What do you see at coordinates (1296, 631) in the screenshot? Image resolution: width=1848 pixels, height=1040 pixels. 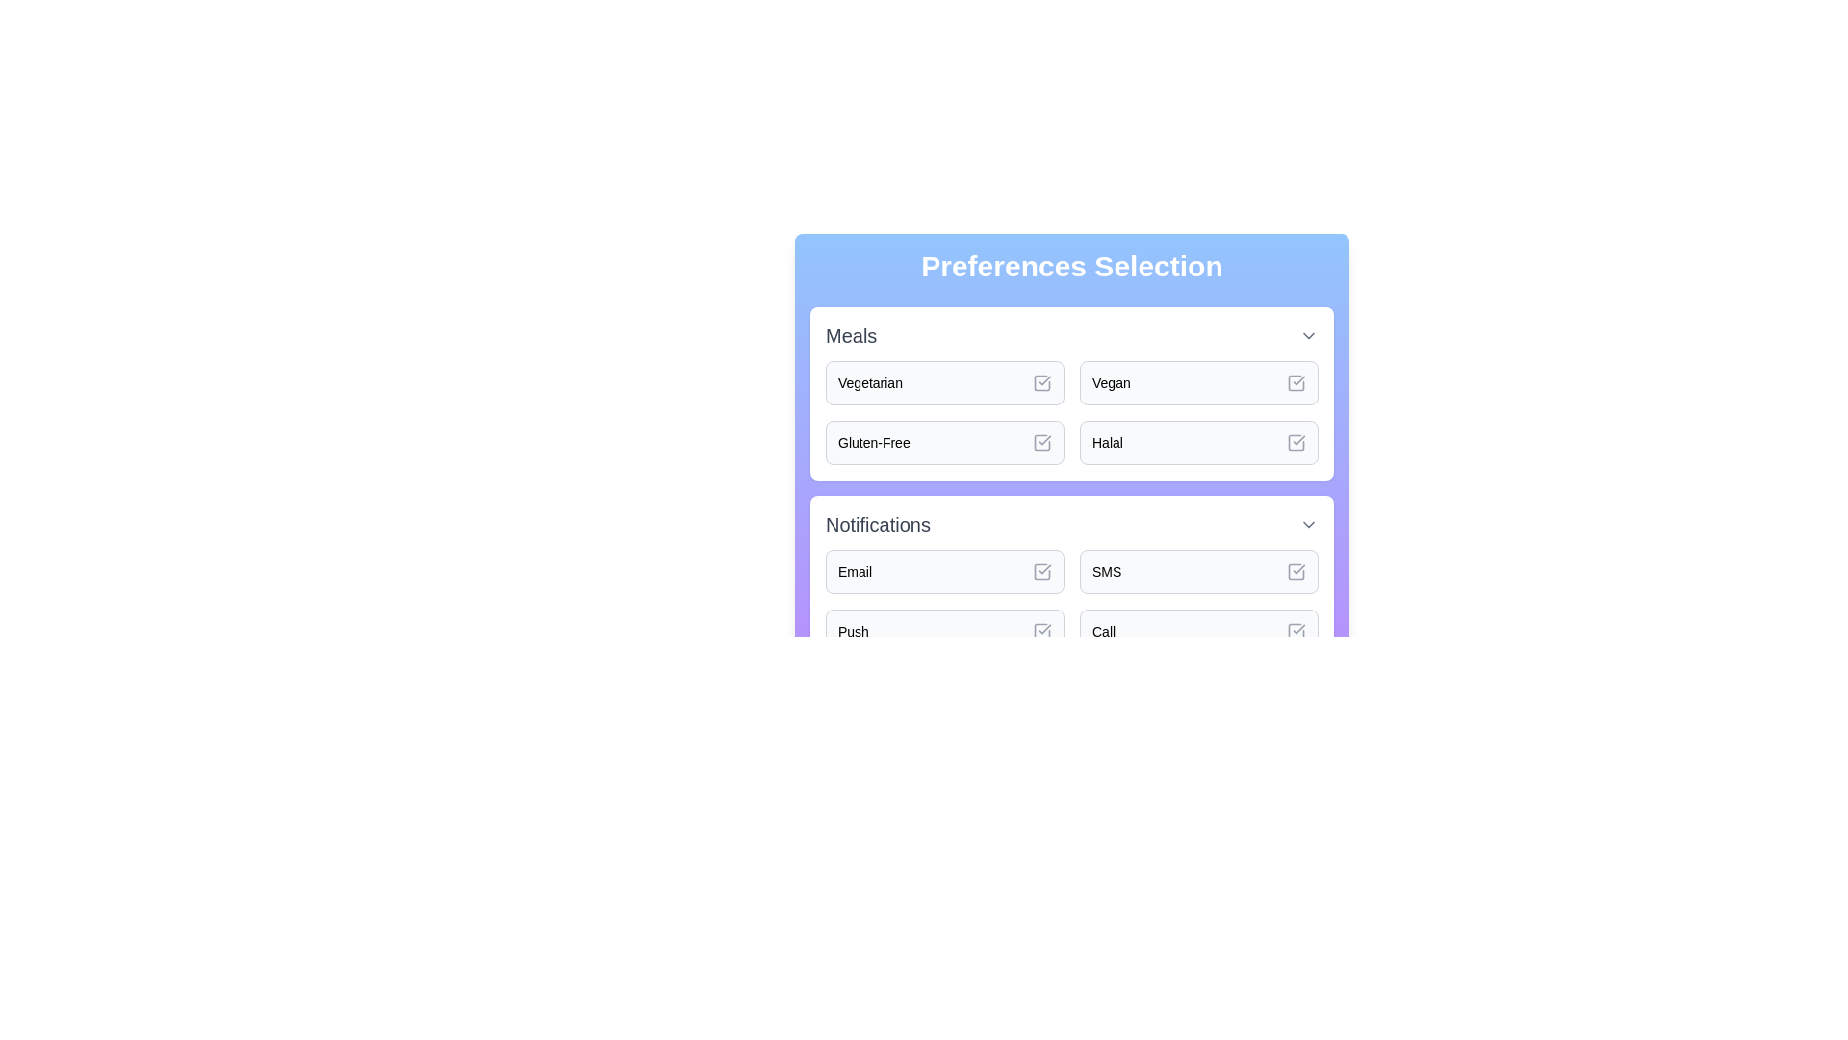 I see `the checkbox icon for the 'Call' notification preference, located to the right of the 'Call' text in the 'Notifications' section` at bounding box center [1296, 631].